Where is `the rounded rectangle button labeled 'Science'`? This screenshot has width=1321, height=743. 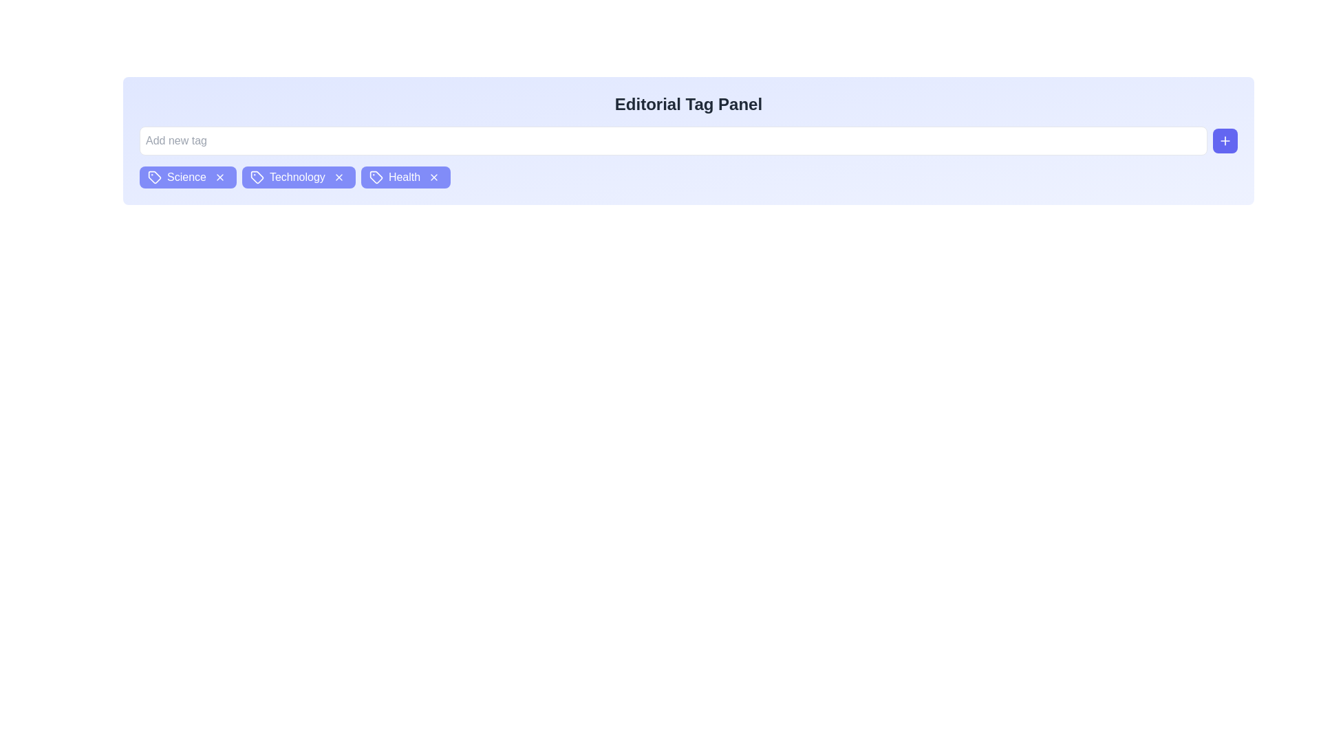 the rounded rectangle button labeled 'Science' is located at coordinates (187, 177).